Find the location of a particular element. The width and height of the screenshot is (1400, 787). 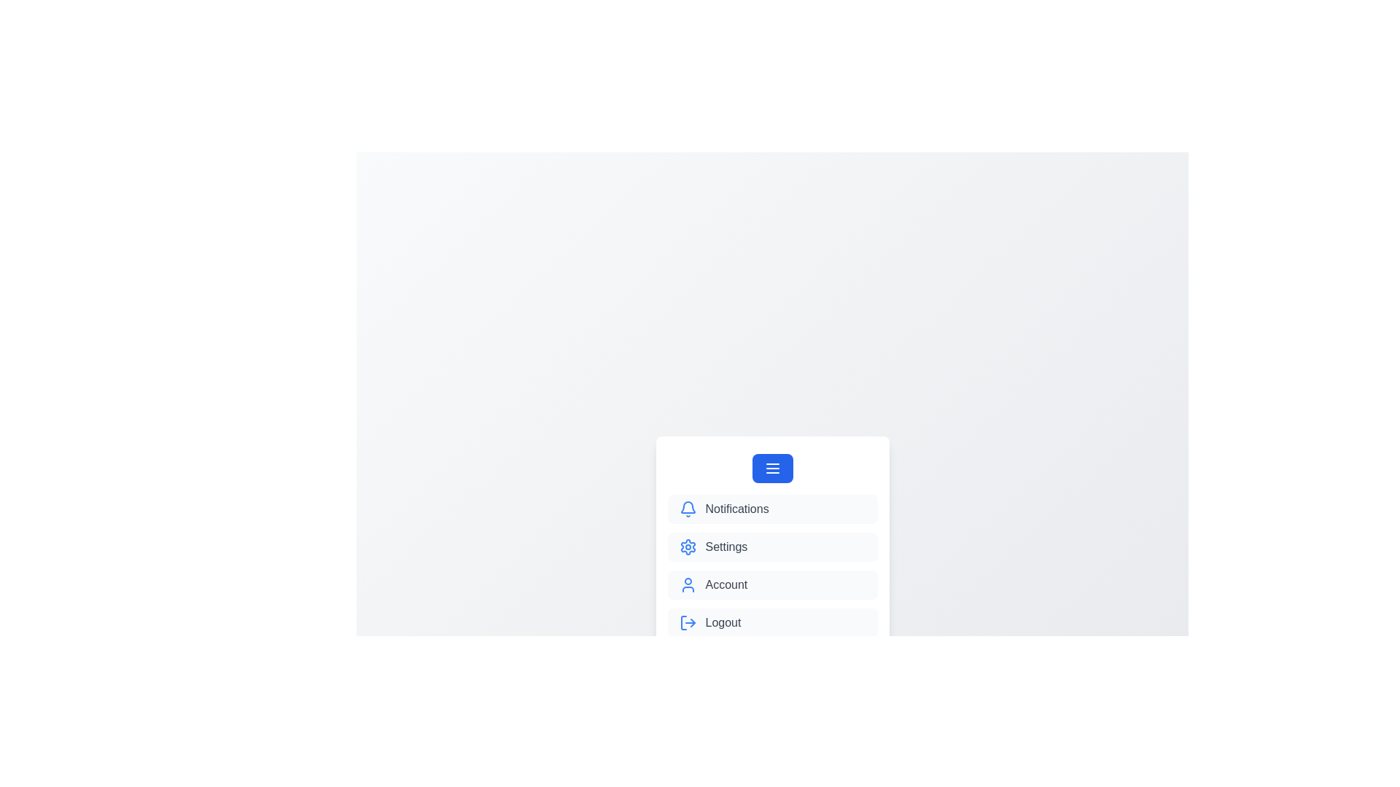

the menu option Settings by clicking on it is located at coordinates (771, 547).